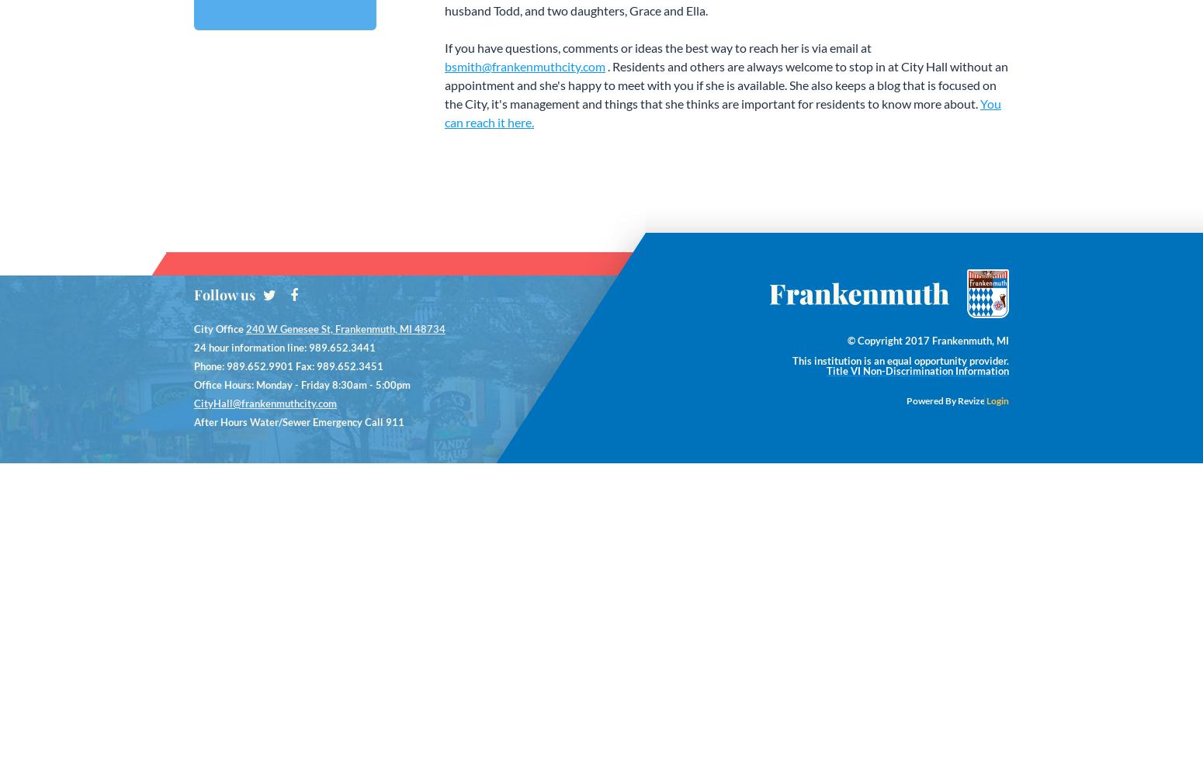 This screenshot has height=776, width=1203. Describe the element at coordinates (264, 404) in the screenshot. I see `'CityHall@frankenmuthcity.com'` at that location.